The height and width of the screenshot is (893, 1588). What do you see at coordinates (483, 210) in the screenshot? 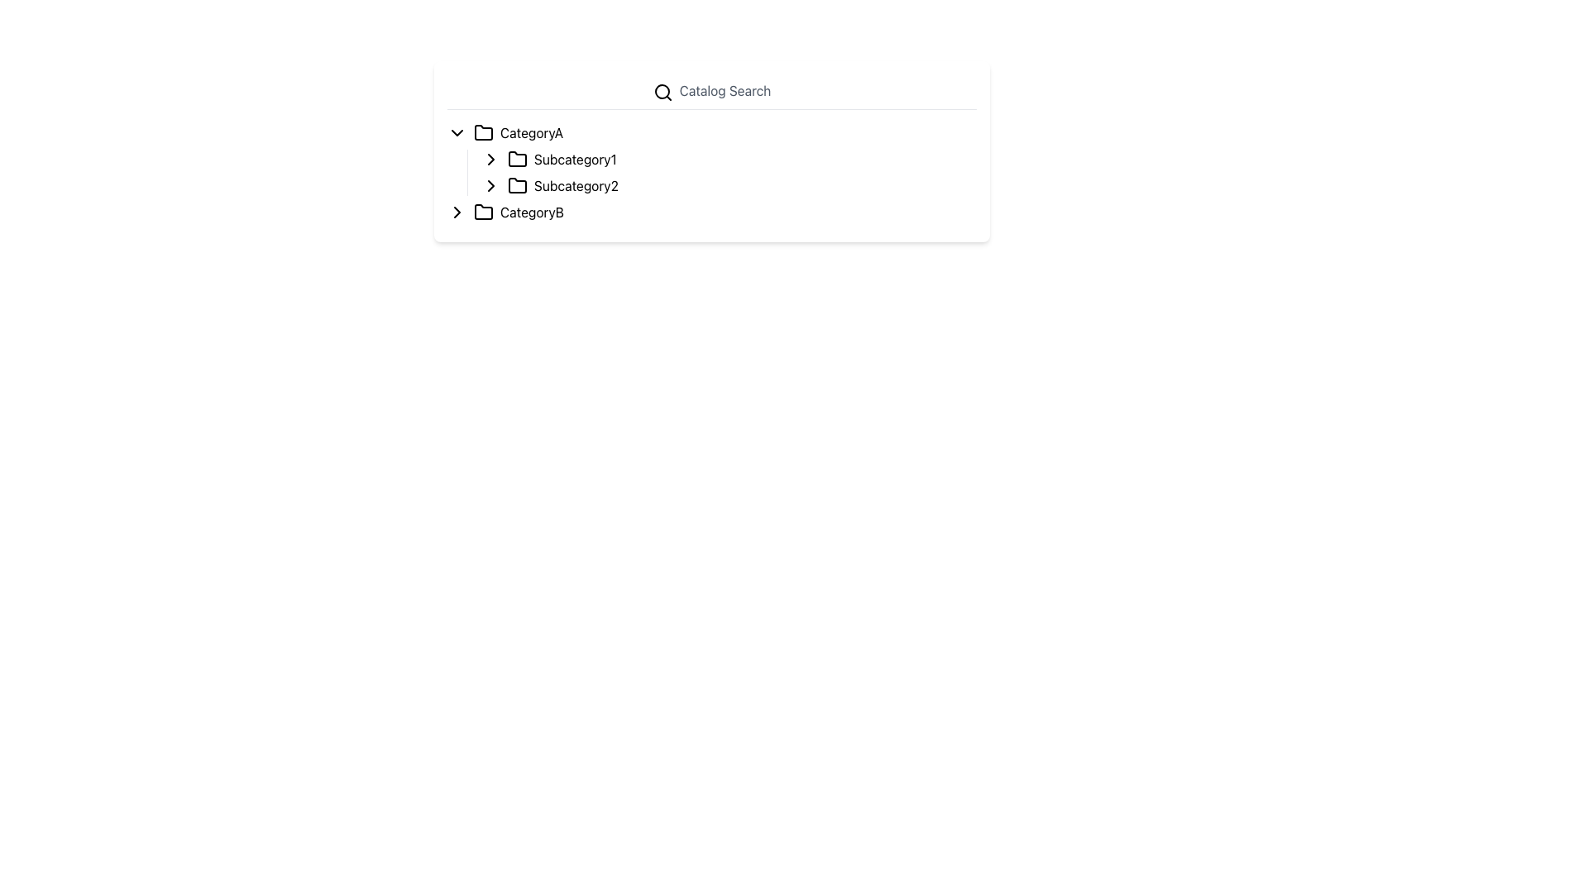
I see `the 'CategoryB' folder icon` at bounding box center [483, 210].